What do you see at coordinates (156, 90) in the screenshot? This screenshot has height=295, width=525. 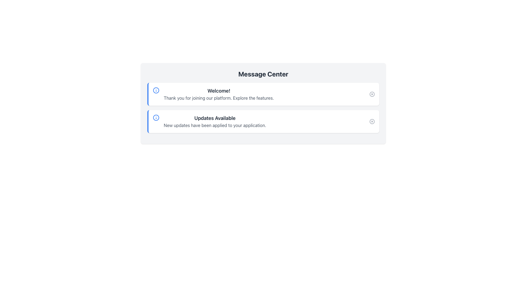 I see `the information symbol circular shape within the blue-outlined icon of the first notification card labeled 'Welcome!' in the 'Message Center' section` at bounding box center [156, 90].